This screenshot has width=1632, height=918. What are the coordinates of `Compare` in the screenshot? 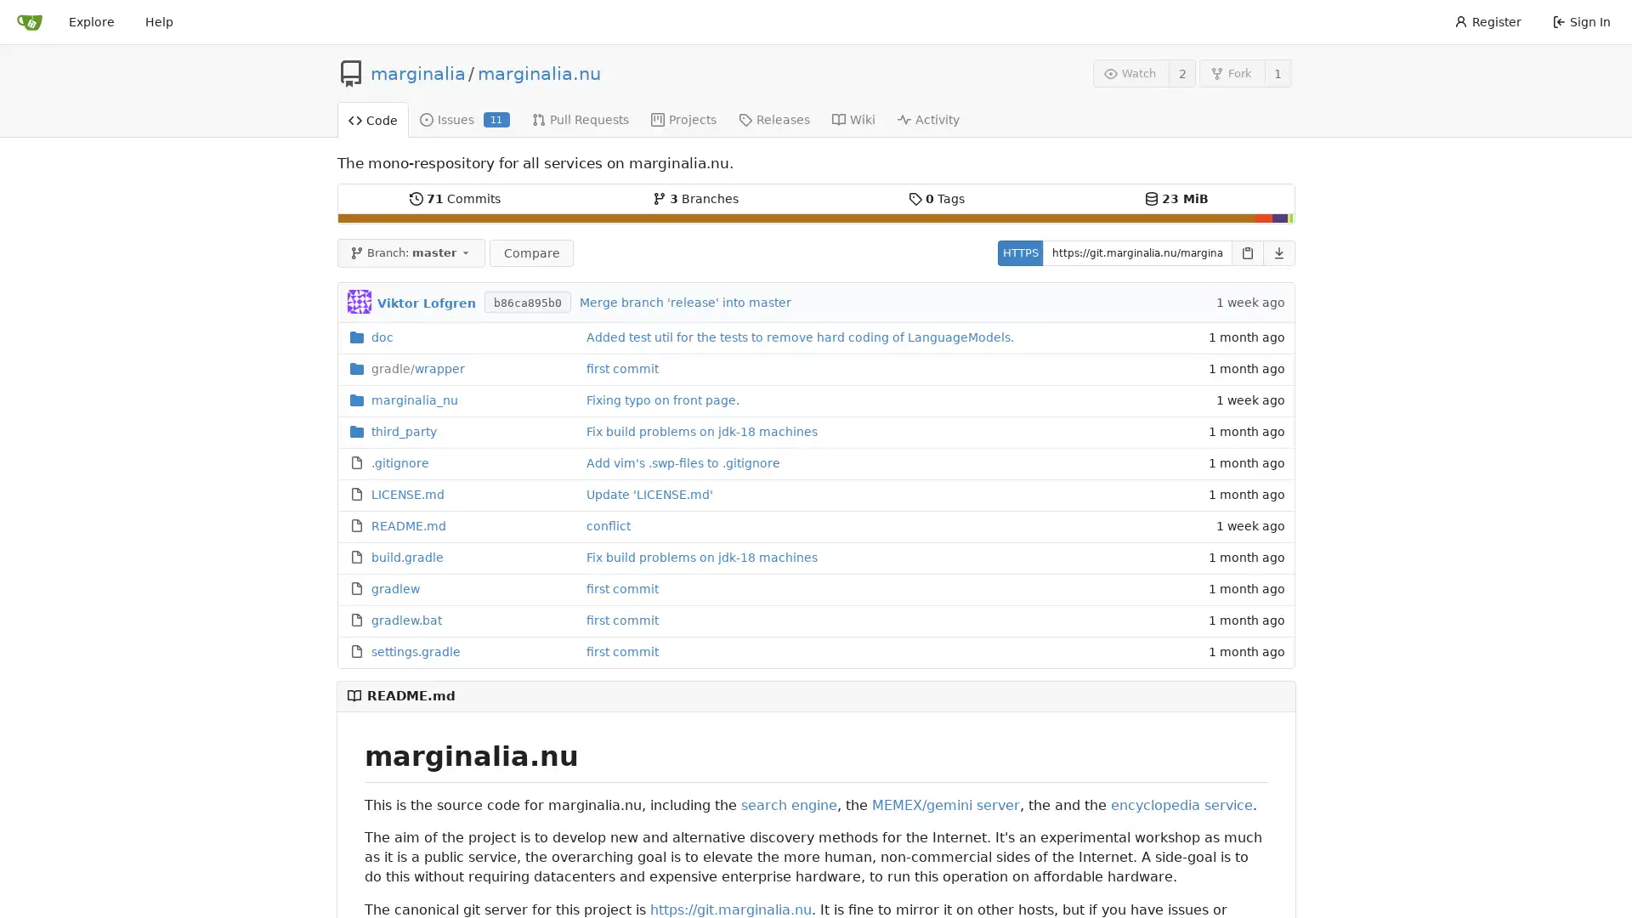 It's located at (530, 252).